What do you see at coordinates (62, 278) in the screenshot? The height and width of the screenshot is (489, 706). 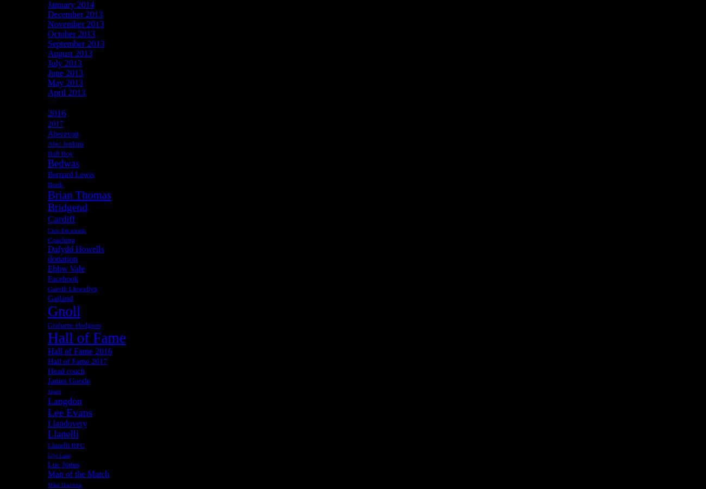 I see `'Facebook'` at bounding box center [62, 278].